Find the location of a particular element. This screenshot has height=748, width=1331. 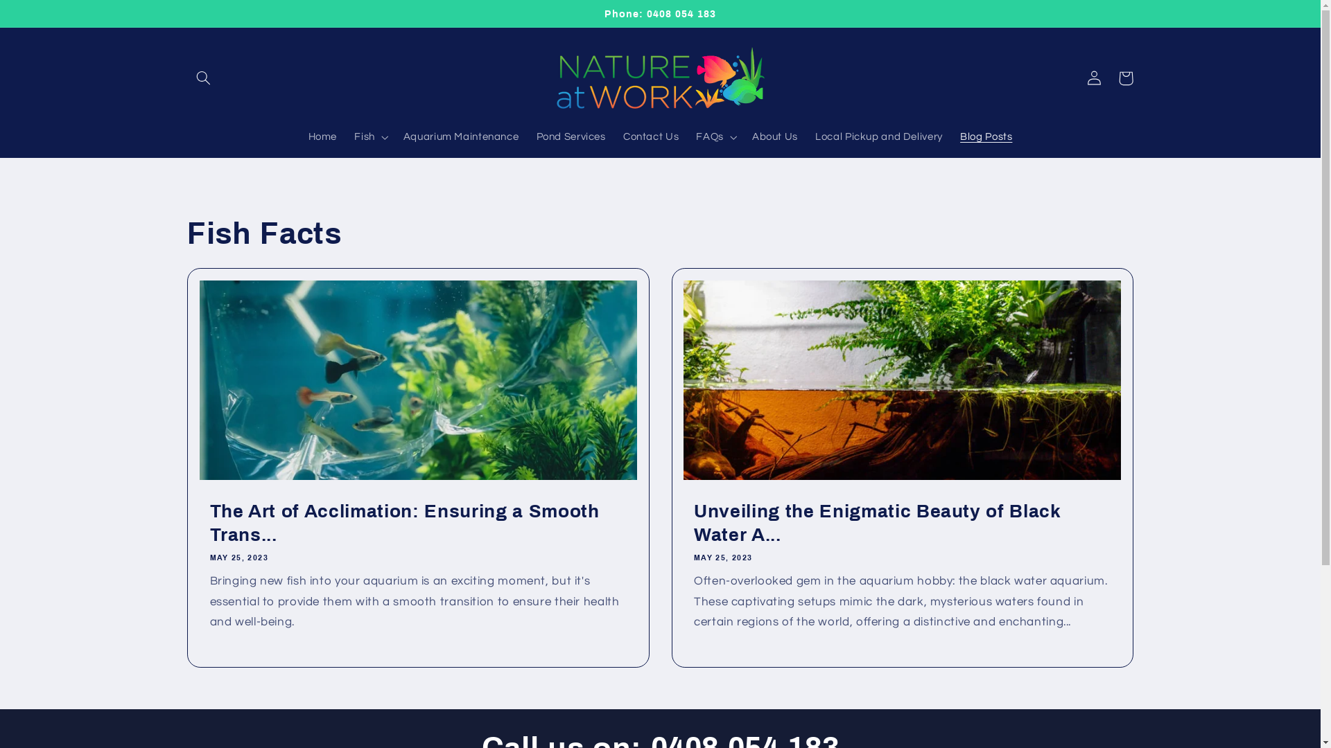

'The Art of Acclimation: Ensuring a Smooth Trans...' is located at coordinates (417, 524).